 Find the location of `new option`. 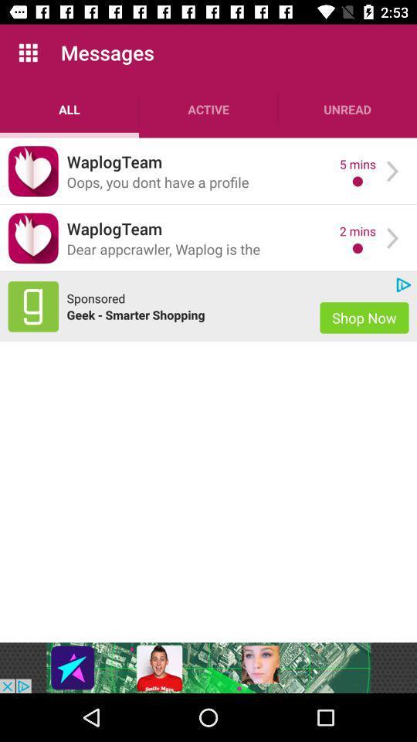

new option is located at coordinates (33, 305).